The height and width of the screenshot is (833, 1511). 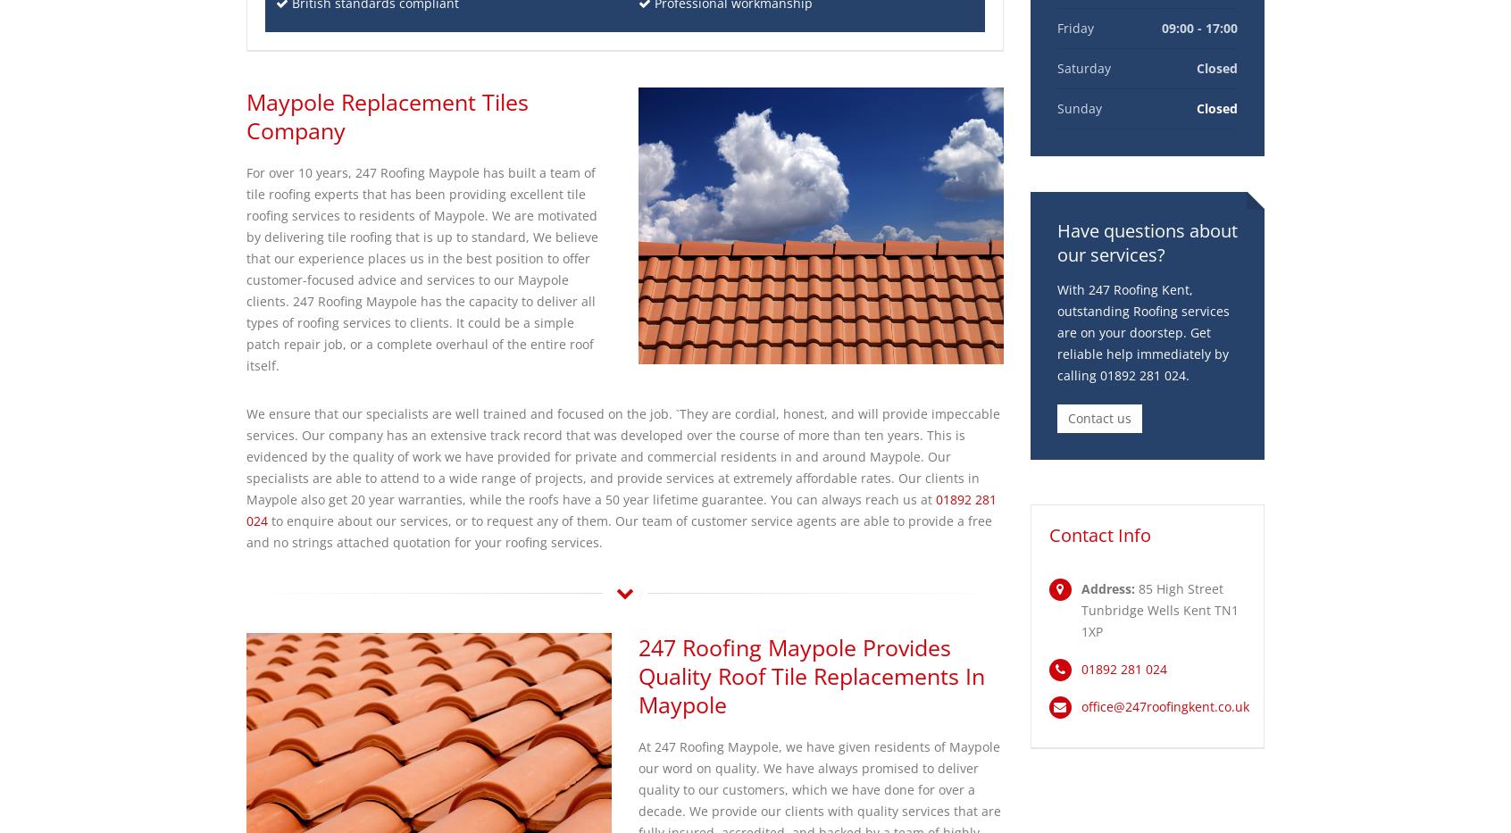 What do you see at coordinates (809, 675) in the screenshot?
I see `'247 Roofing Maypole Provides Quality Roof Tile Replacements in Maypole'` at bounding box center [809, 675].